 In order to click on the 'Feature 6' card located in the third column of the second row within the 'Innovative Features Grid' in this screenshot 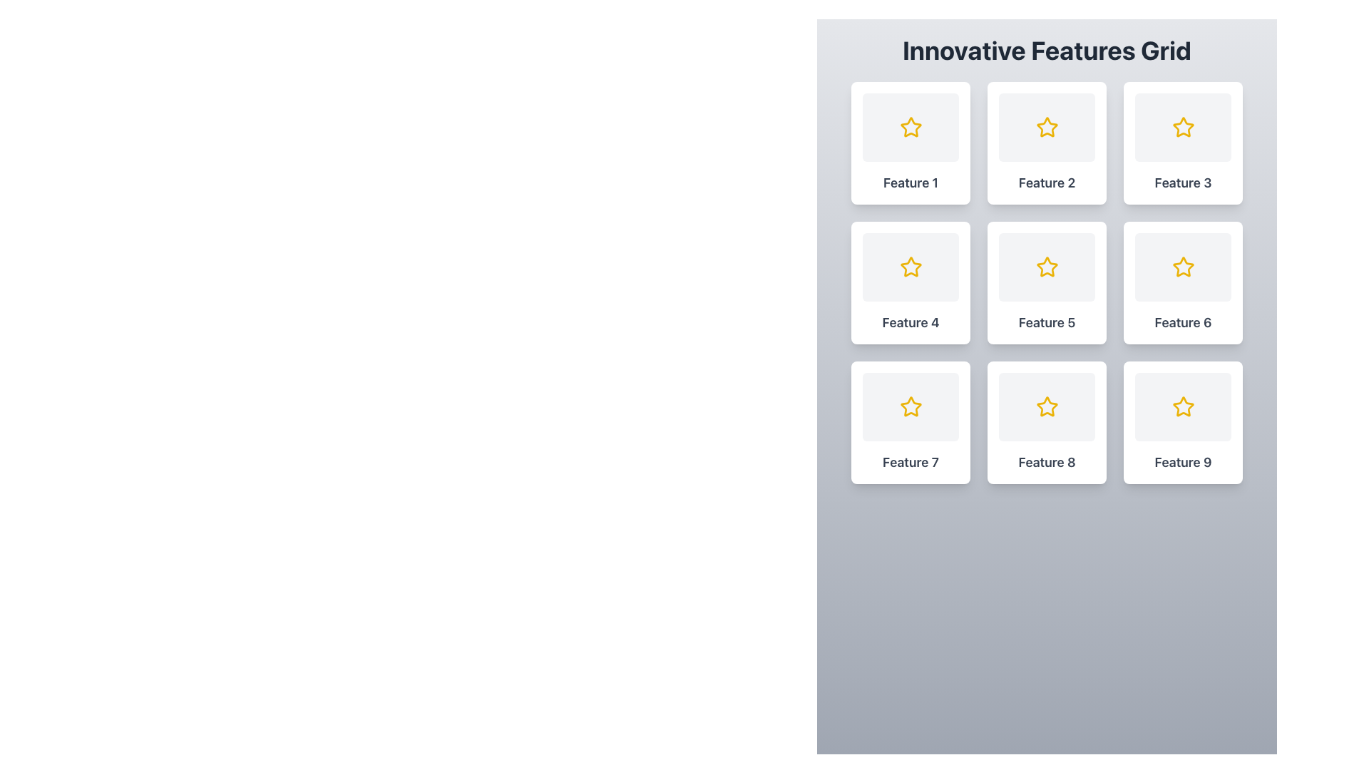, I will do `click(1183, 283)`.